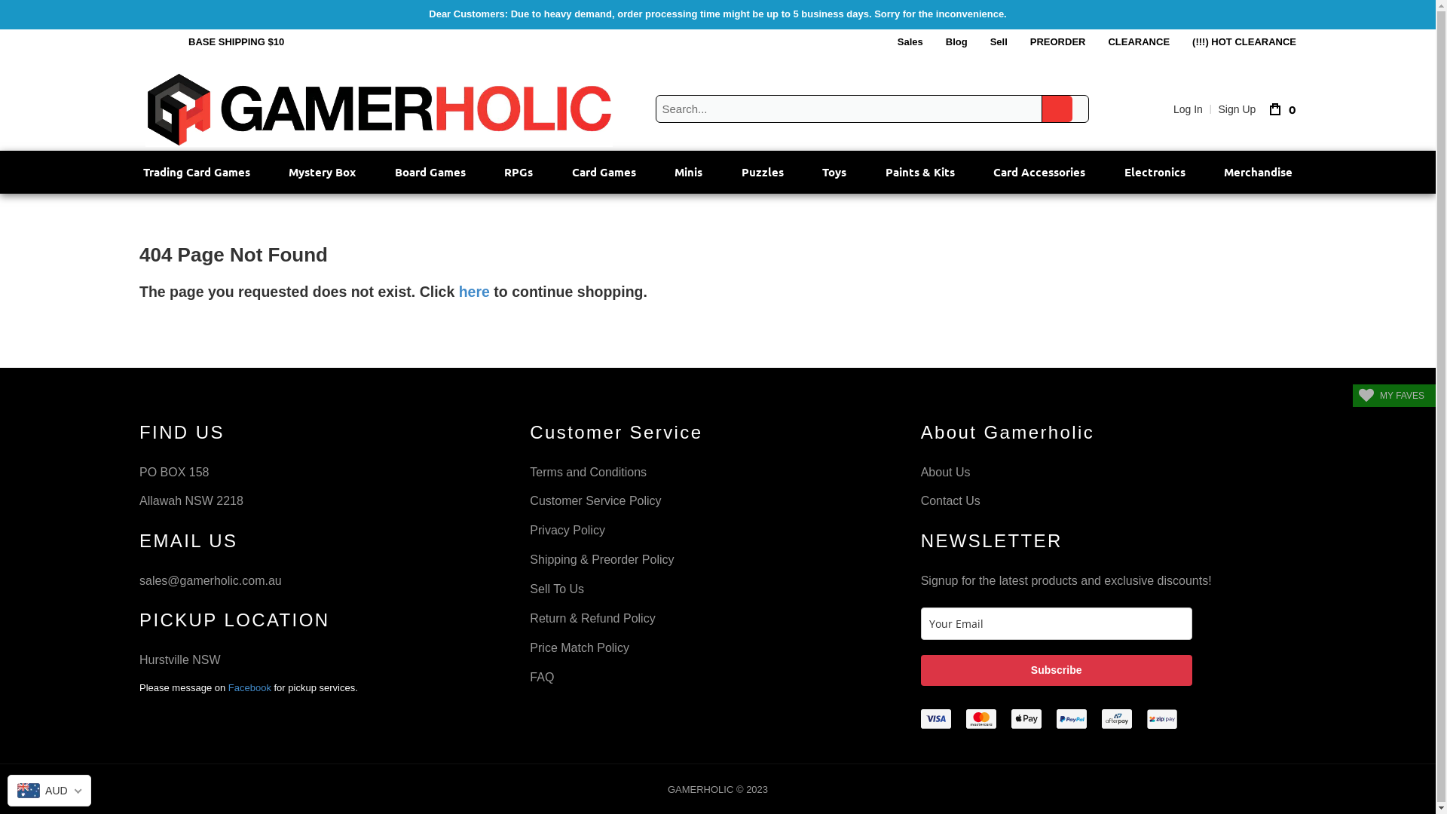  I want to click on 'BASE SHIPPING $10', so click(235, 42).